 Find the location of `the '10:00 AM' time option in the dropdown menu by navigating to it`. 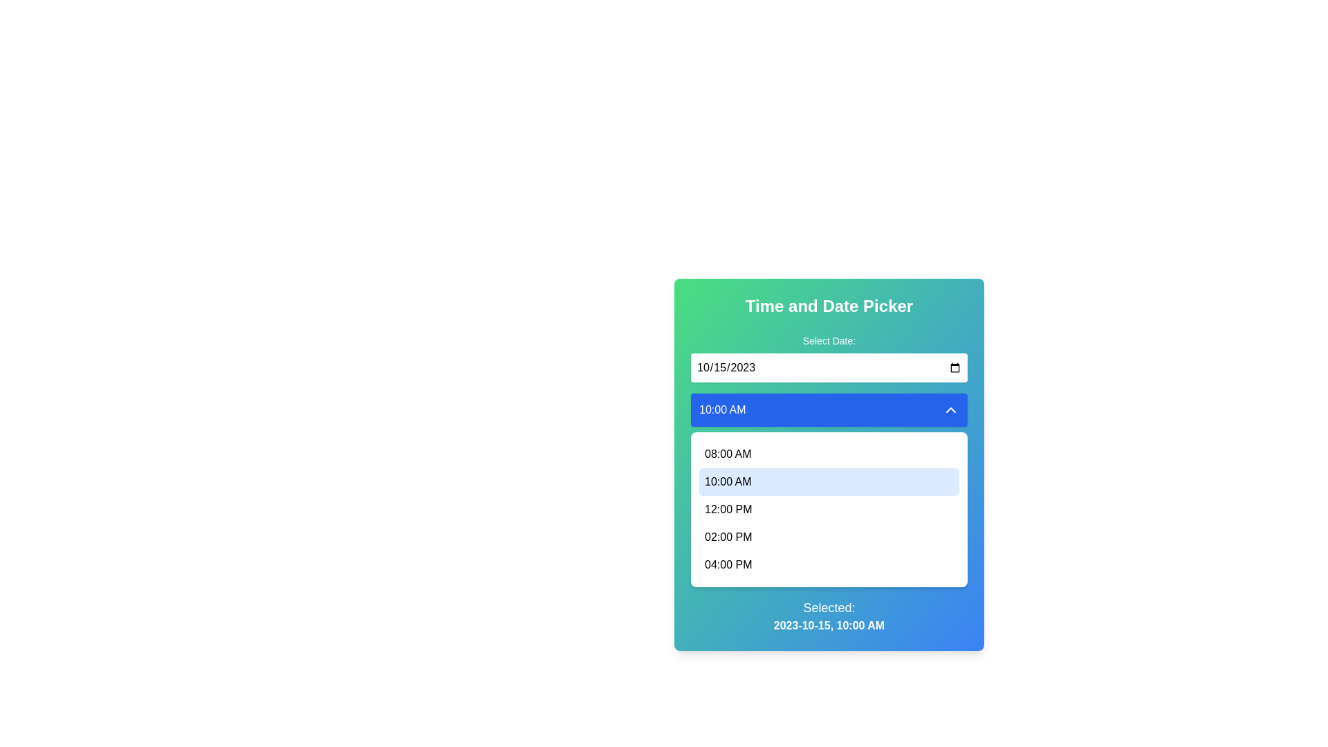

the '10:00 AM' time option in the dropdown menu by navigating to it is located at coordinates (829, 490).